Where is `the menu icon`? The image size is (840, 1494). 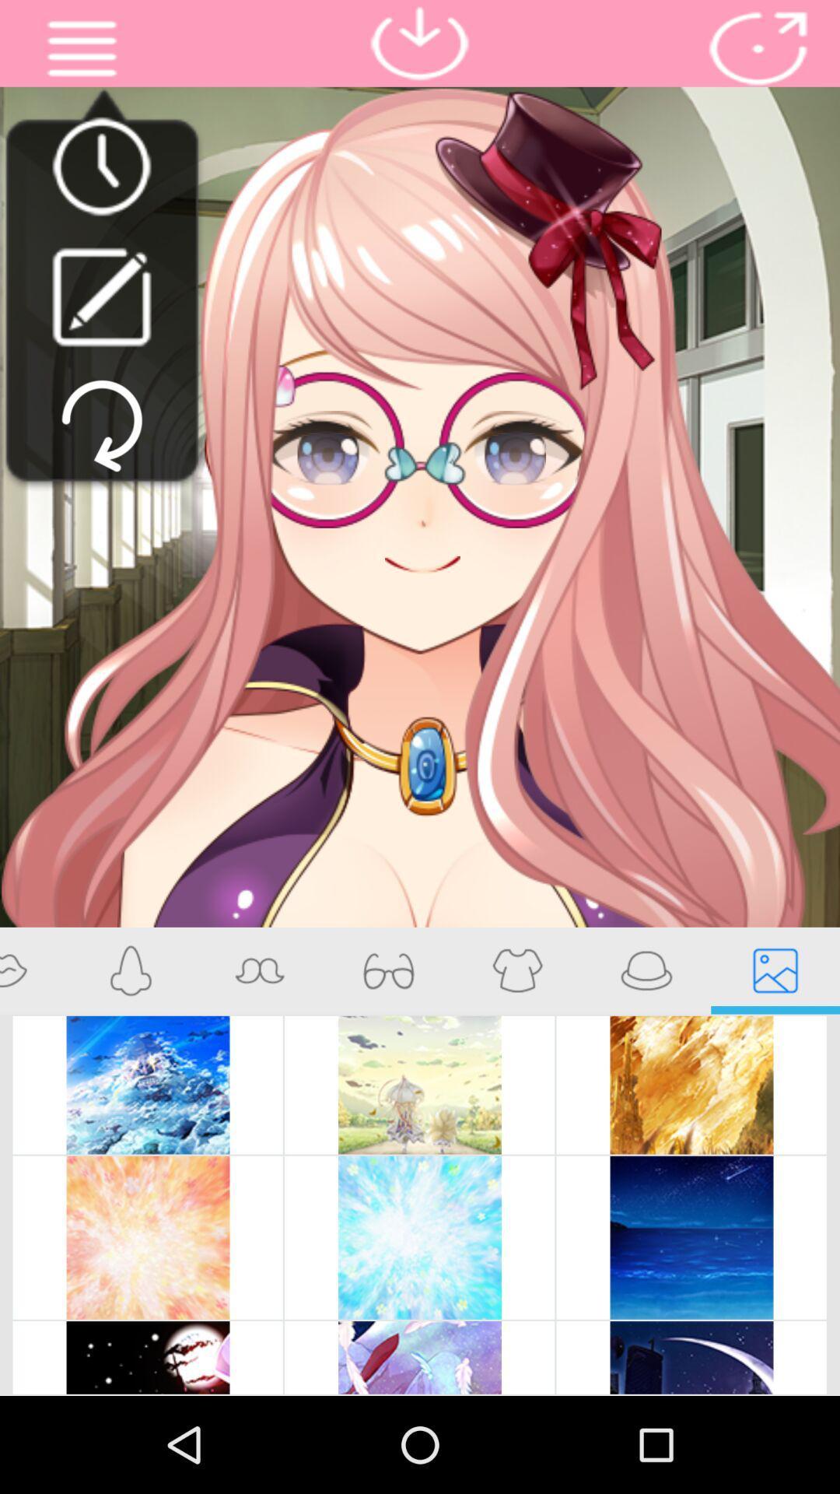
the menu icon is located at coordinates (82, 52).